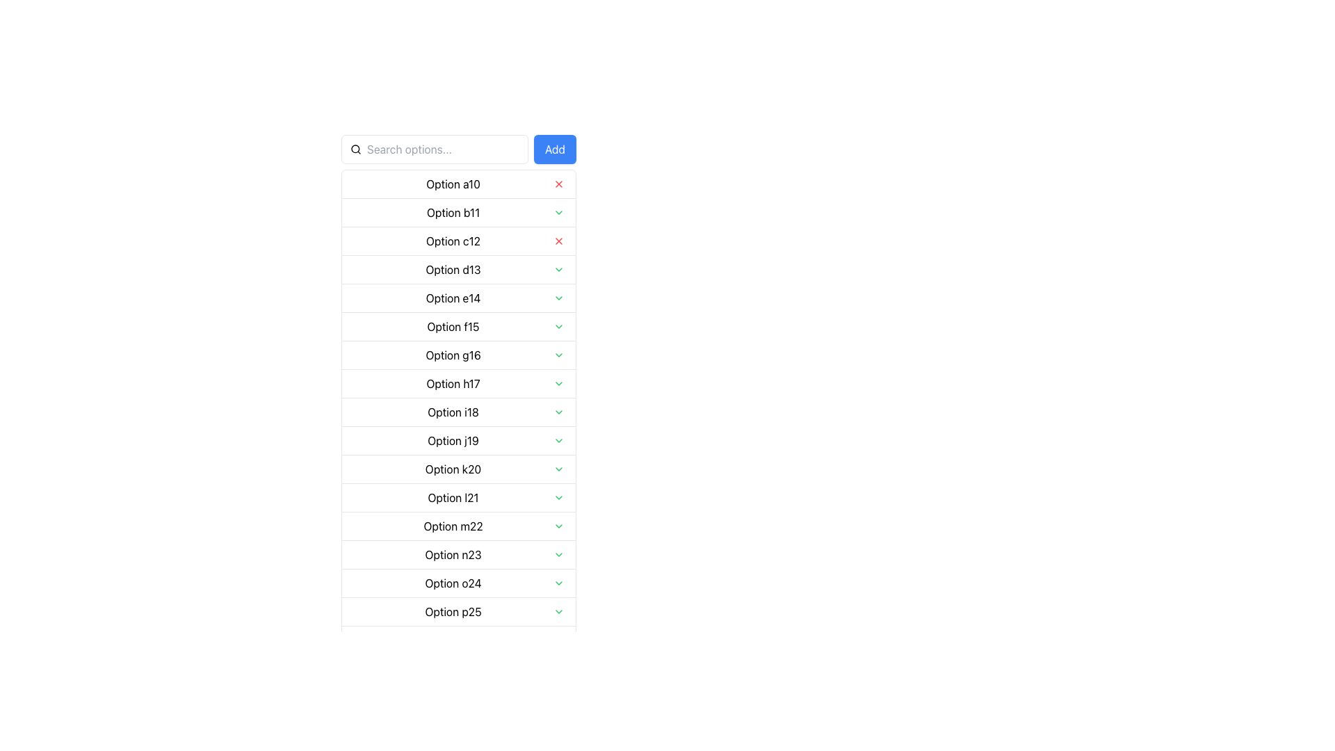 Image resolution: width=1335 pixels, height=751 pixels. I want to click on the chevron icon located to the far right of the entry labeled 'Option g16', so click(559, 354).